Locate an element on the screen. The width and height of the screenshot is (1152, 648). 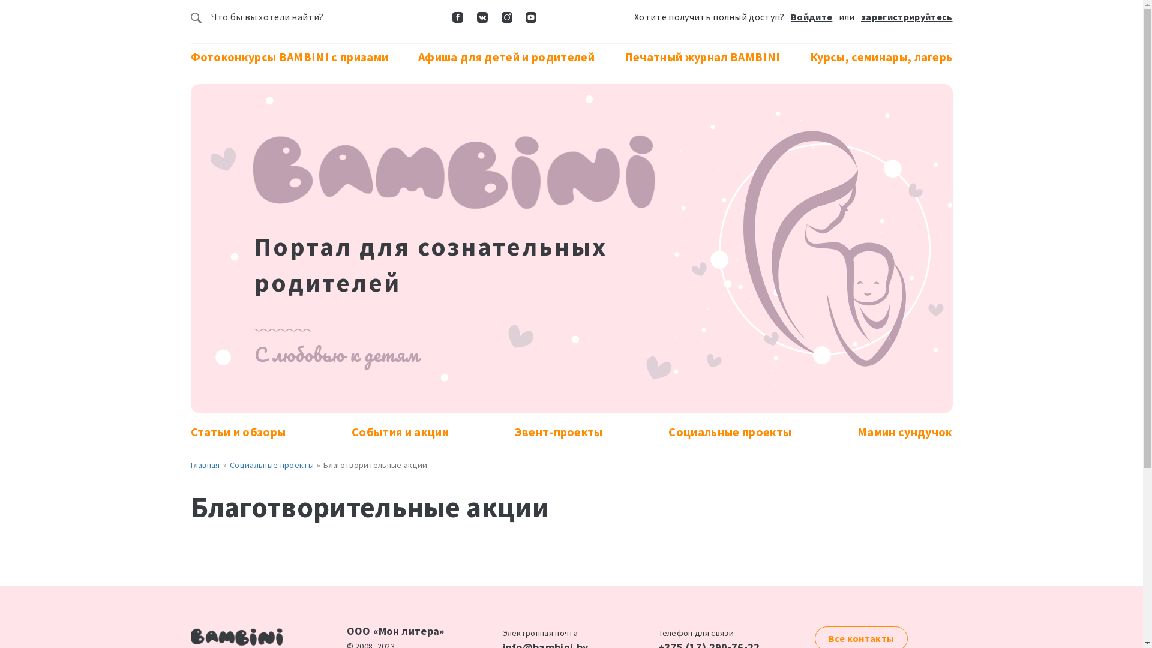
'Facebook' is located at coordinates (457, 22).